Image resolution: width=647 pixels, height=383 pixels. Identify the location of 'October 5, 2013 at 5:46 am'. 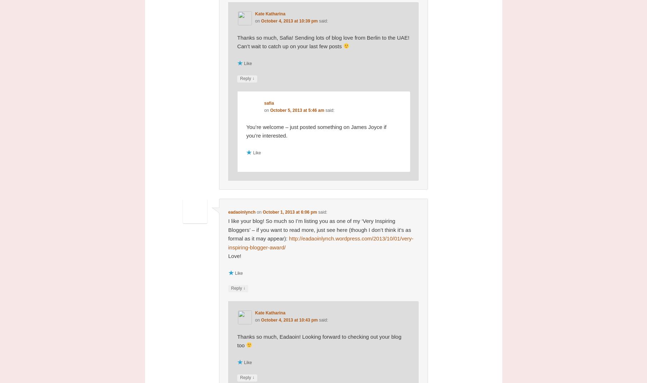
(269, 109).